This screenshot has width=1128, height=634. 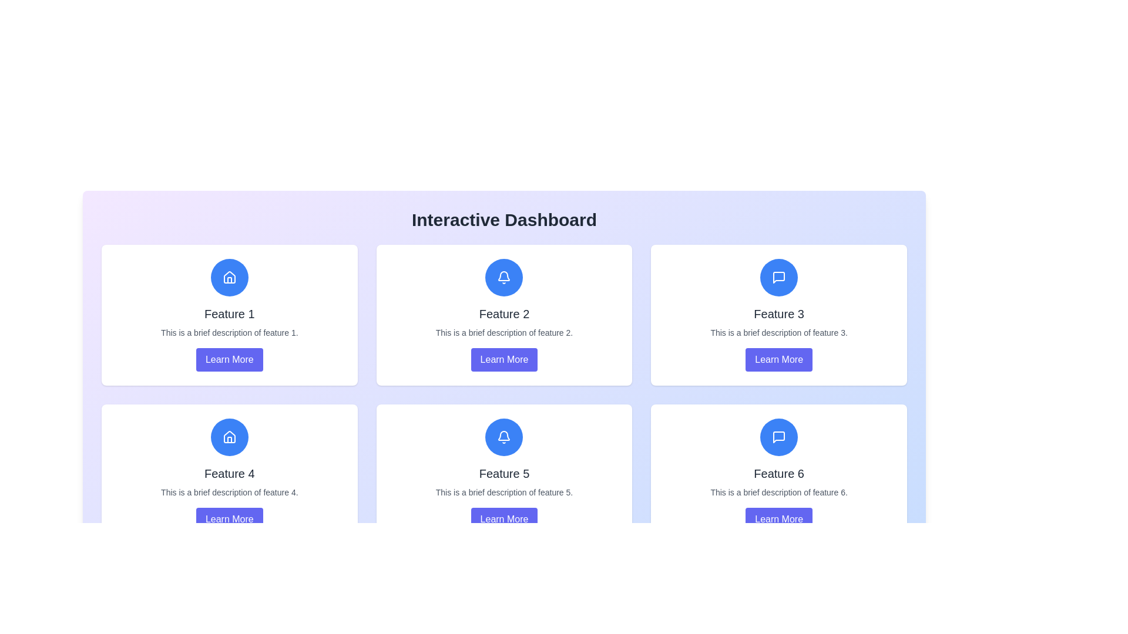 I want to click on description of 'Feature 1' located on the first card in the grid layout, which has a white background and a purple button labeled 'Learn More', so click(x=229, y=314).